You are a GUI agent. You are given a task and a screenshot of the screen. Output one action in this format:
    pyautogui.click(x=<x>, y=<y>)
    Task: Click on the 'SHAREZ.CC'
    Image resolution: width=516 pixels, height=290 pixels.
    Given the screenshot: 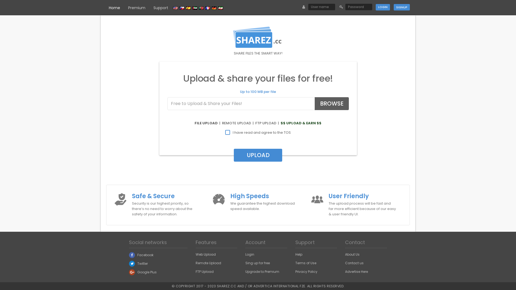 What is the action you would take?
    pyautogui.click(x=226, y=286)
    